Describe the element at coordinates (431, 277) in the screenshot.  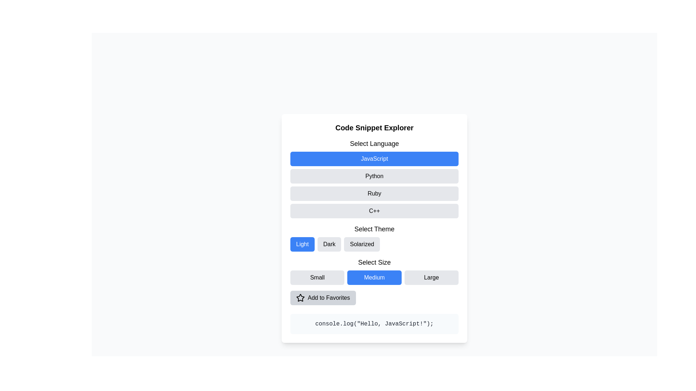
I see `the 'Large' button with a light gray background and rounded corners` at that location.